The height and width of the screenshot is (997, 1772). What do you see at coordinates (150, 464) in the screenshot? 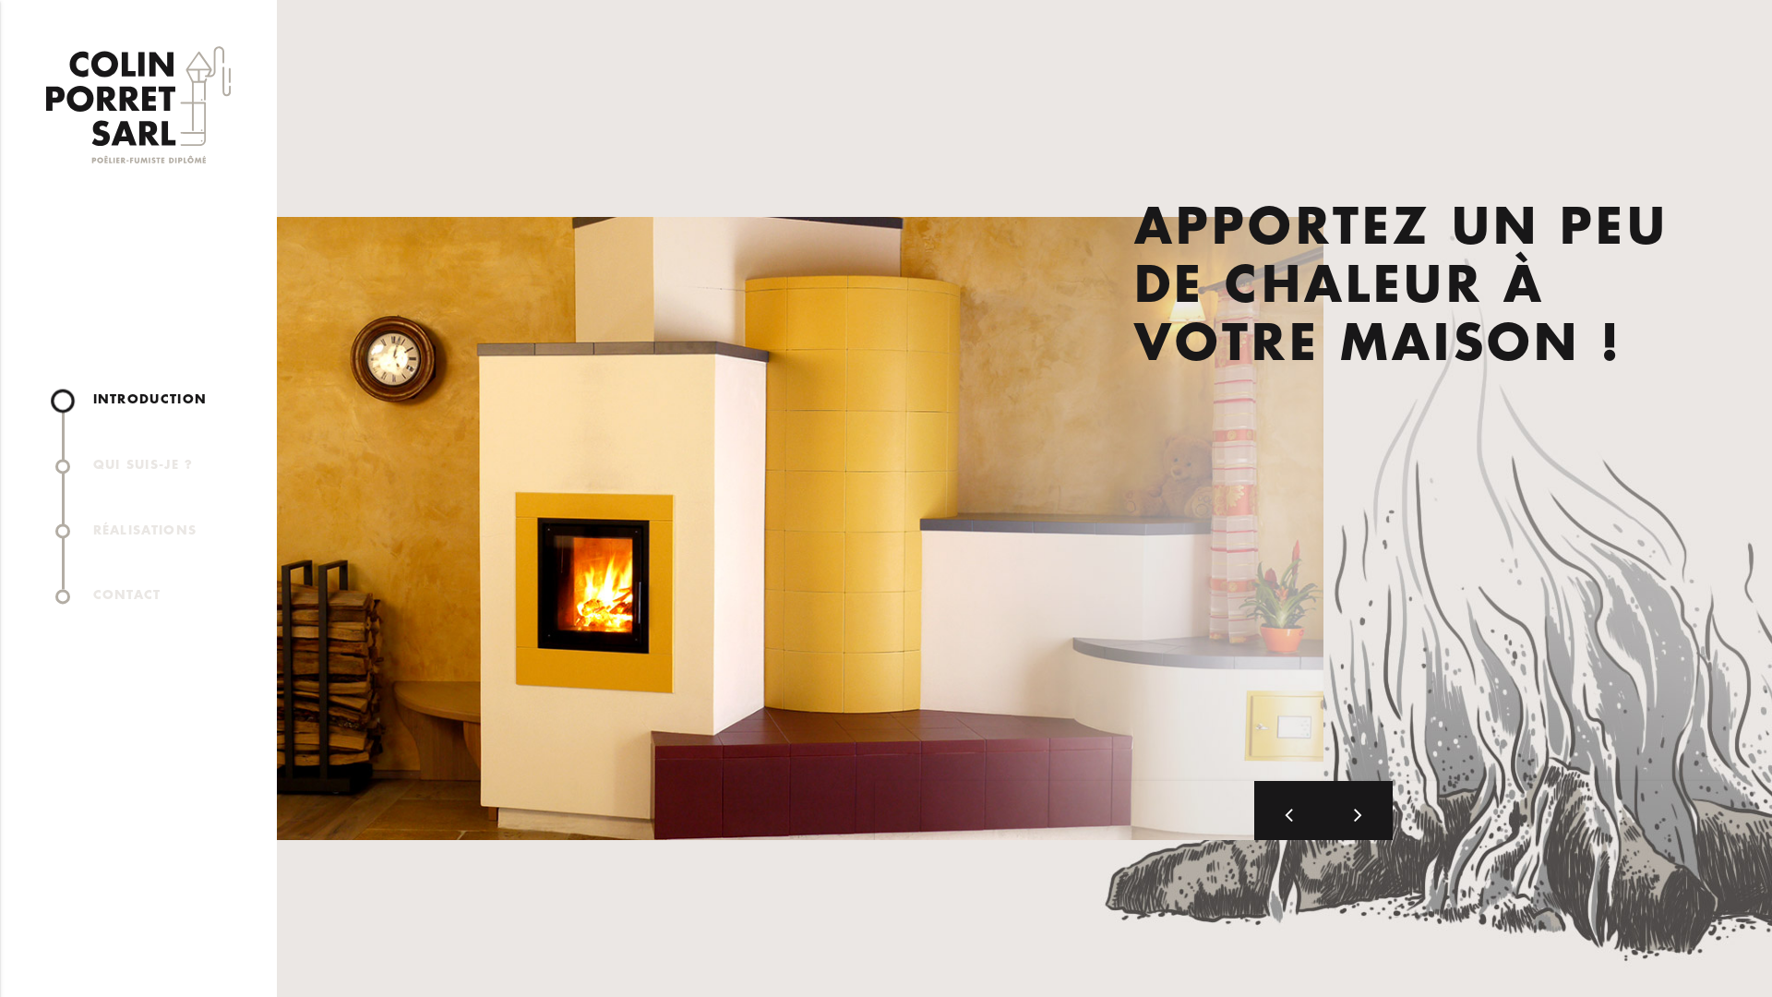
I see `'QUI SUIS-JE ?'` at bounding box center [150, 464].